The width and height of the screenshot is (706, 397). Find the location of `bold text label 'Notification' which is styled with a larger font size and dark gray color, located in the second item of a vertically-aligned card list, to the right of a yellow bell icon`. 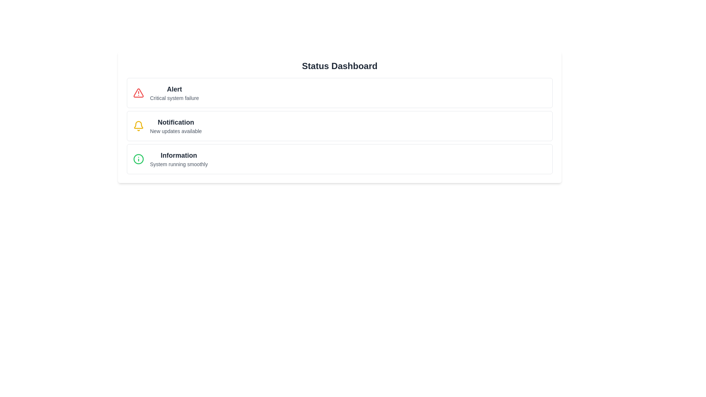

bold text label 'Notification' which is styled with a larger font size and dark gray color, located in the second item of a vertically-aligned card list, to the right of a yellow bell icon is located at coordinates (175, 122).